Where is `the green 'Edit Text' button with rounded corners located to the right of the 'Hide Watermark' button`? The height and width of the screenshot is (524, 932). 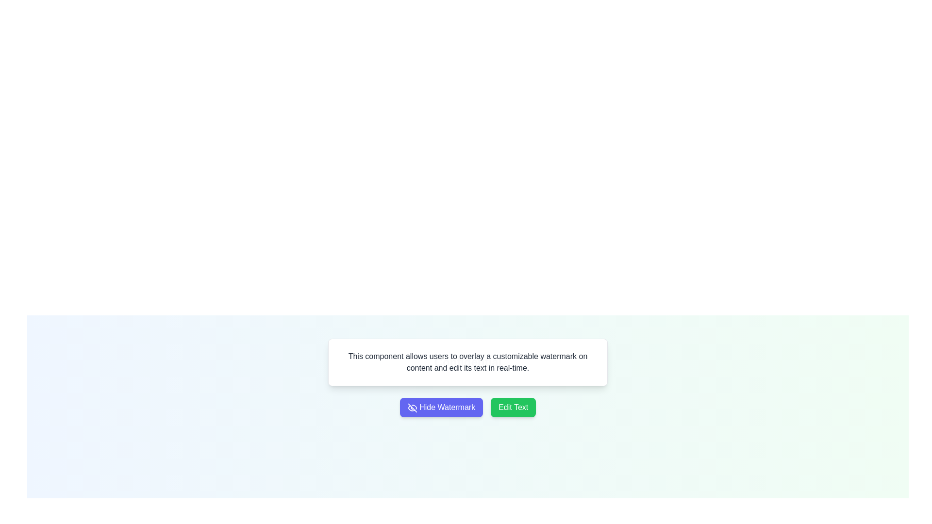 the green 'Edit Text' button with rounded corners located to the right of the 'Hide Watermark' button is located at coordinates (513, 408).